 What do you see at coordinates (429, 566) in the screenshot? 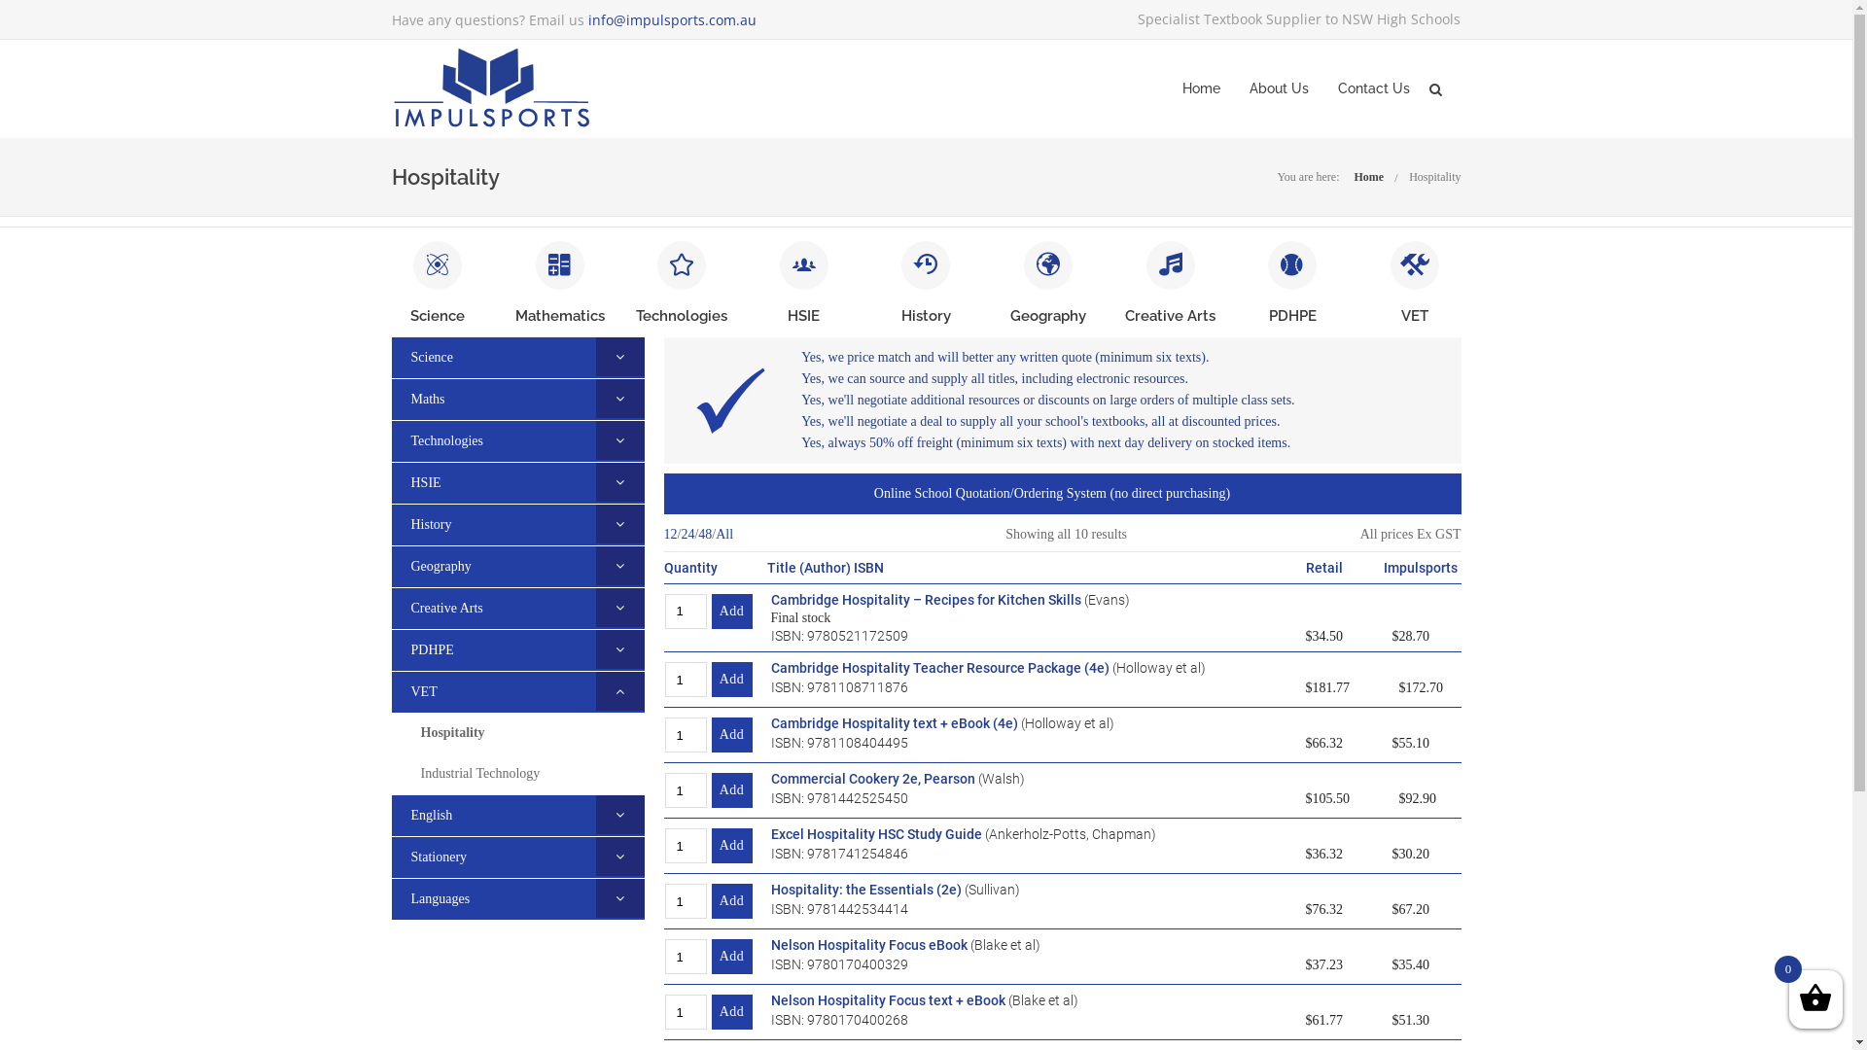
I see `'Geography'` at bounding box center [429, 566].